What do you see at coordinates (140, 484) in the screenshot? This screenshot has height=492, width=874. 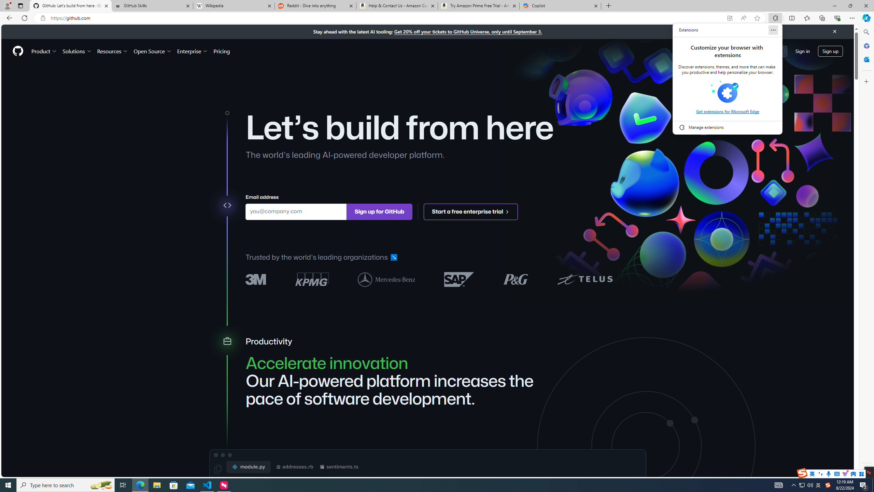 I see `'Microsoft Edge - 1 running window'` at bounding box center [140, 484].